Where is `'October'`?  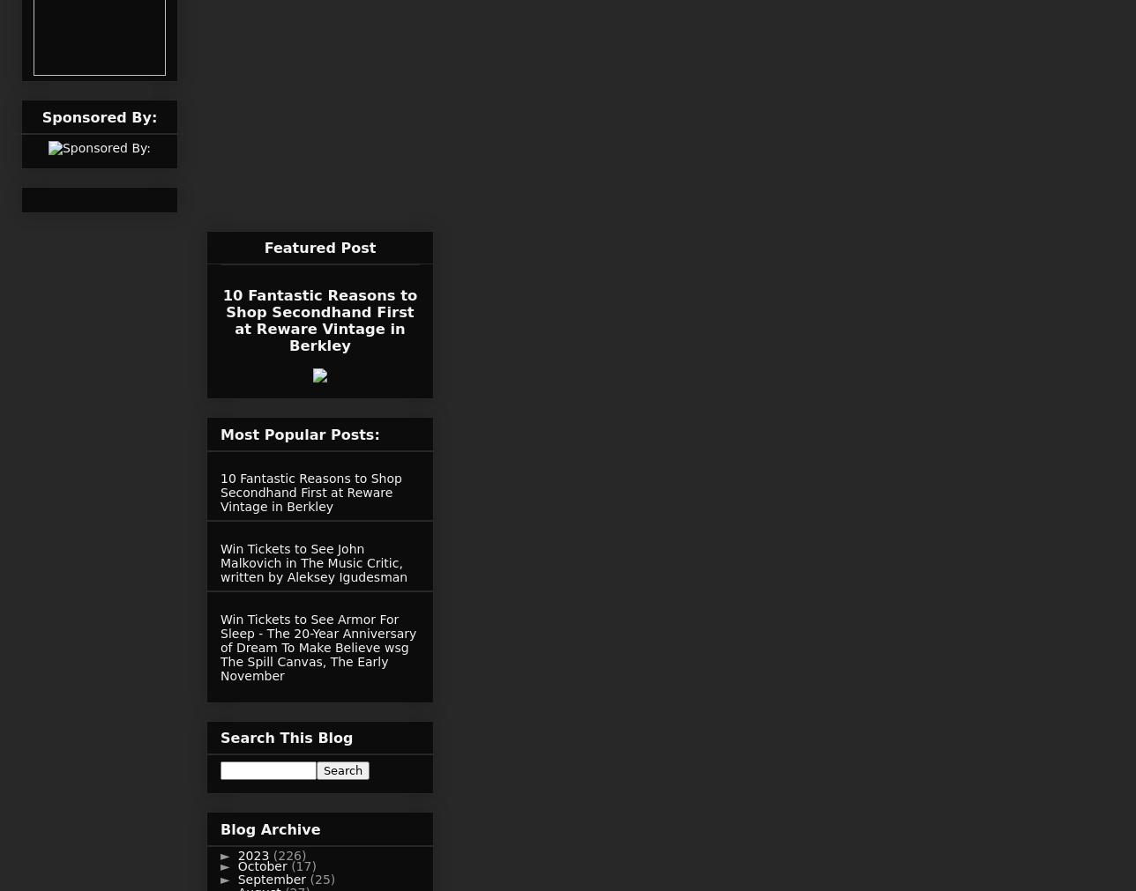
'October' is located at coordinates (264, 865).